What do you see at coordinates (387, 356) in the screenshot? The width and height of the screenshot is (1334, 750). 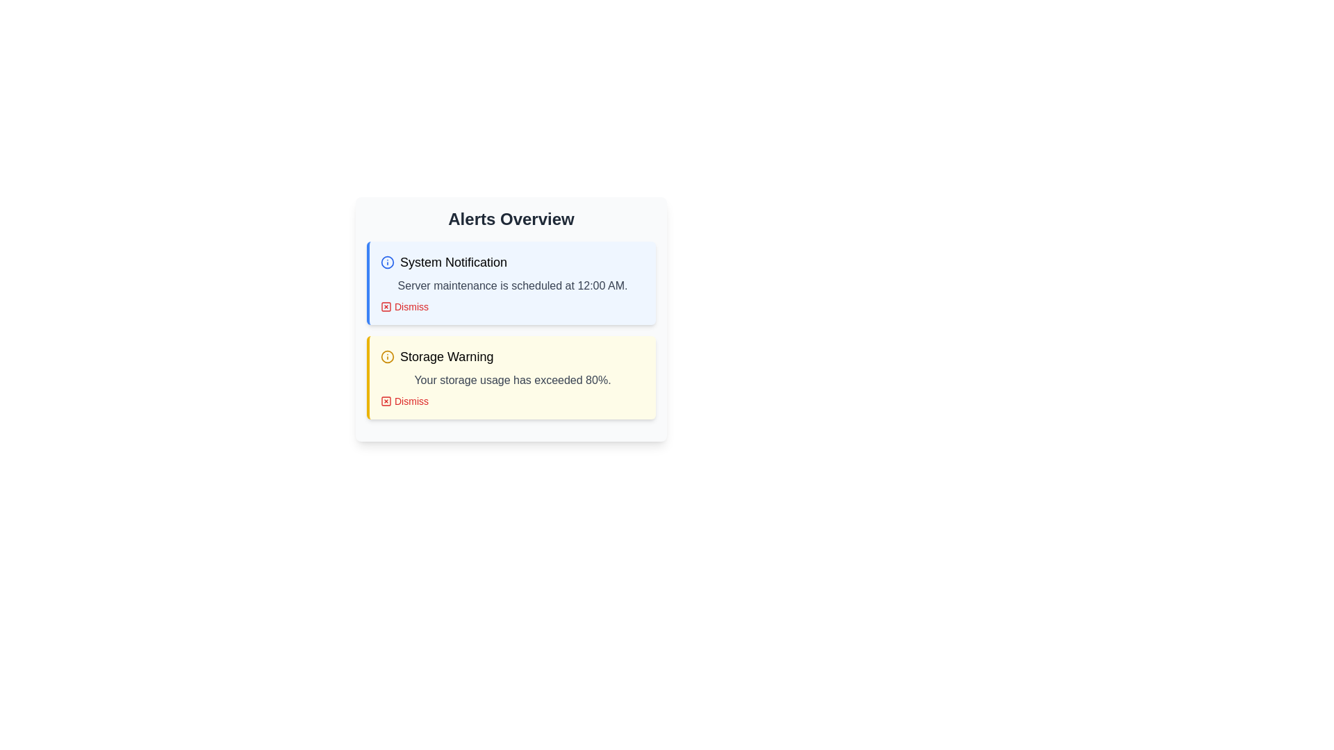 I see `the yellow circular outline warning icon located to the left of the storage usage notification text in the alert card` at bounding box center [387, 356].